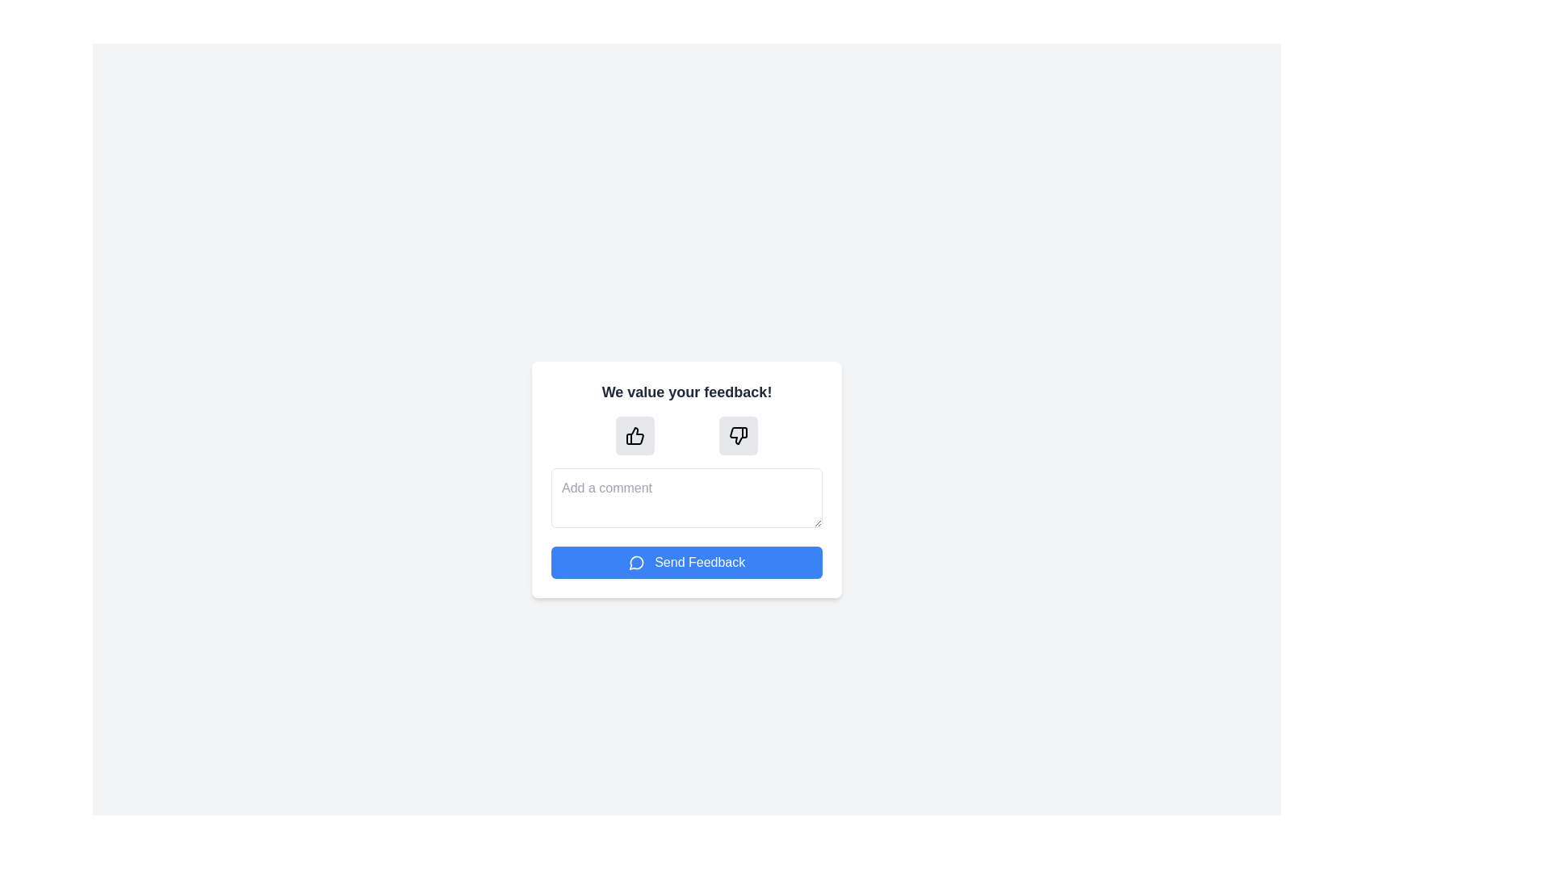 This screenshot has height=872, width=1550. I want to click on the 'Submit Feedback' button located at the bottom center of the feedback card, so click(686, 561).